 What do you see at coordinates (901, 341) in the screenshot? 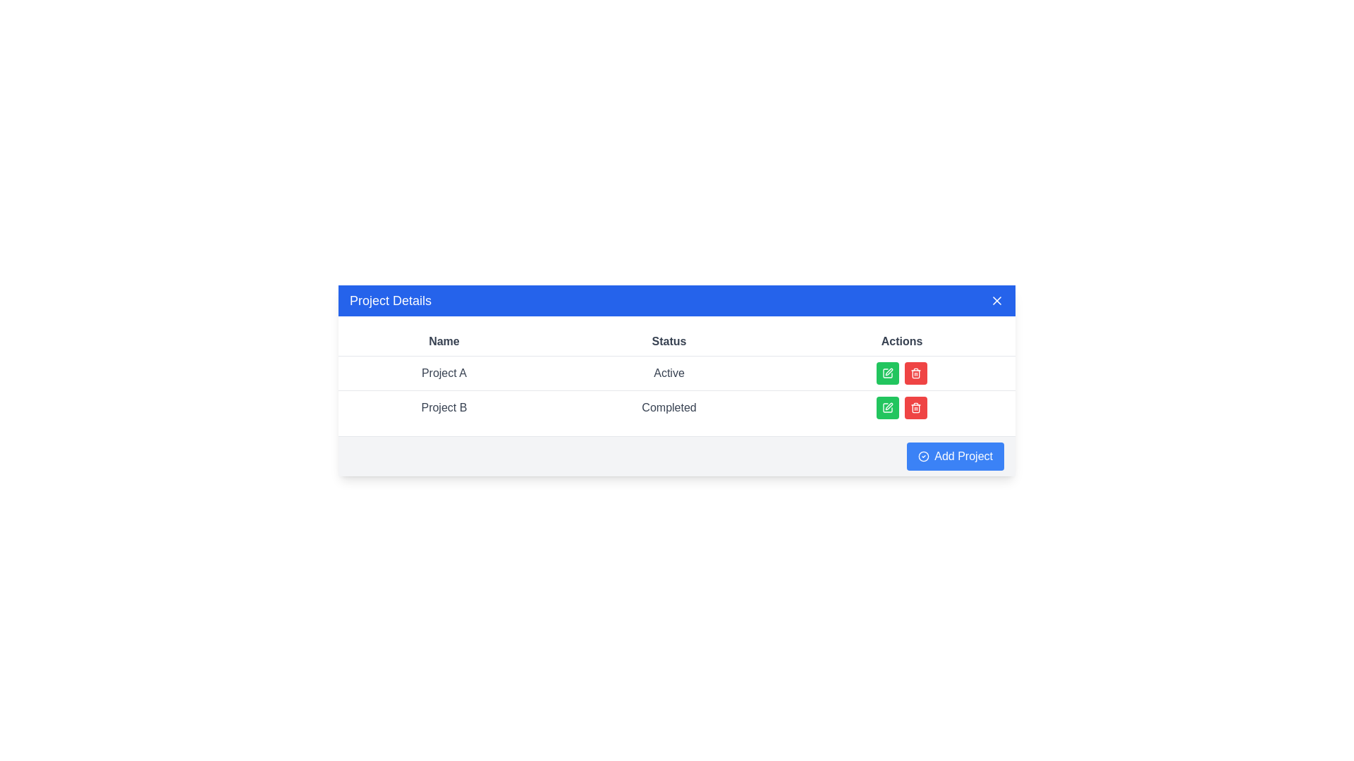
I see `the header label in the third column of the table, which categorizes the action buttons below it` at bounding box center [901, 341].